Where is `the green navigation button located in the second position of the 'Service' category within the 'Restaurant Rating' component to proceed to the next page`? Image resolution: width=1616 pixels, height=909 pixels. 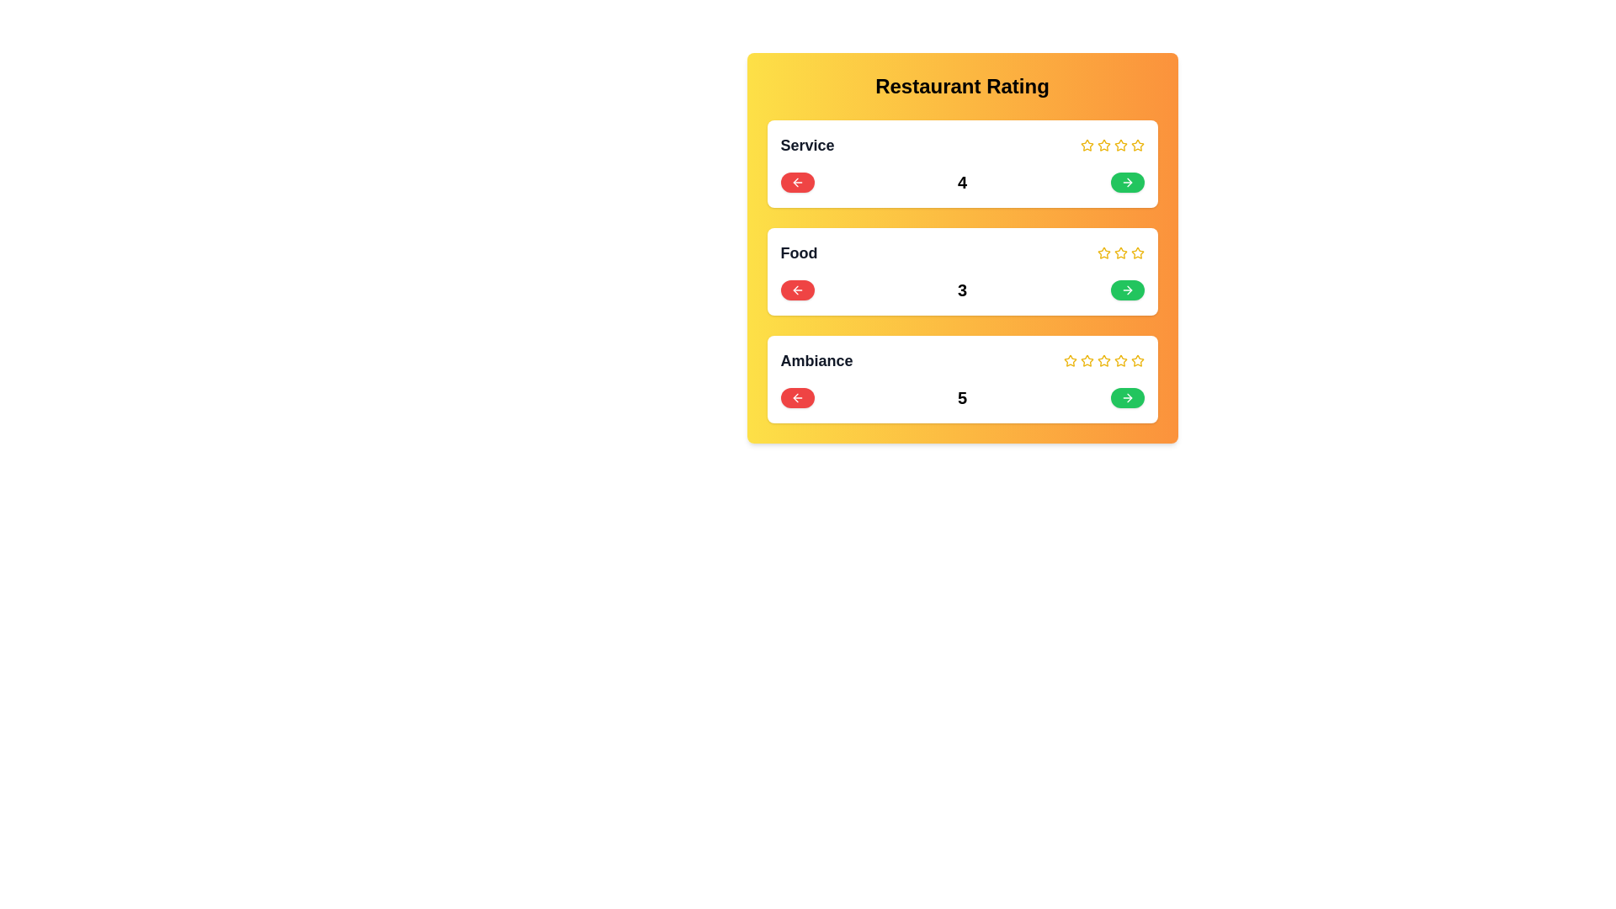
the green navigation button located in the second position of the 'Service' category within the 'Restaurant Rating' component to proceed to the next page is located at coordinates (1127, 182).